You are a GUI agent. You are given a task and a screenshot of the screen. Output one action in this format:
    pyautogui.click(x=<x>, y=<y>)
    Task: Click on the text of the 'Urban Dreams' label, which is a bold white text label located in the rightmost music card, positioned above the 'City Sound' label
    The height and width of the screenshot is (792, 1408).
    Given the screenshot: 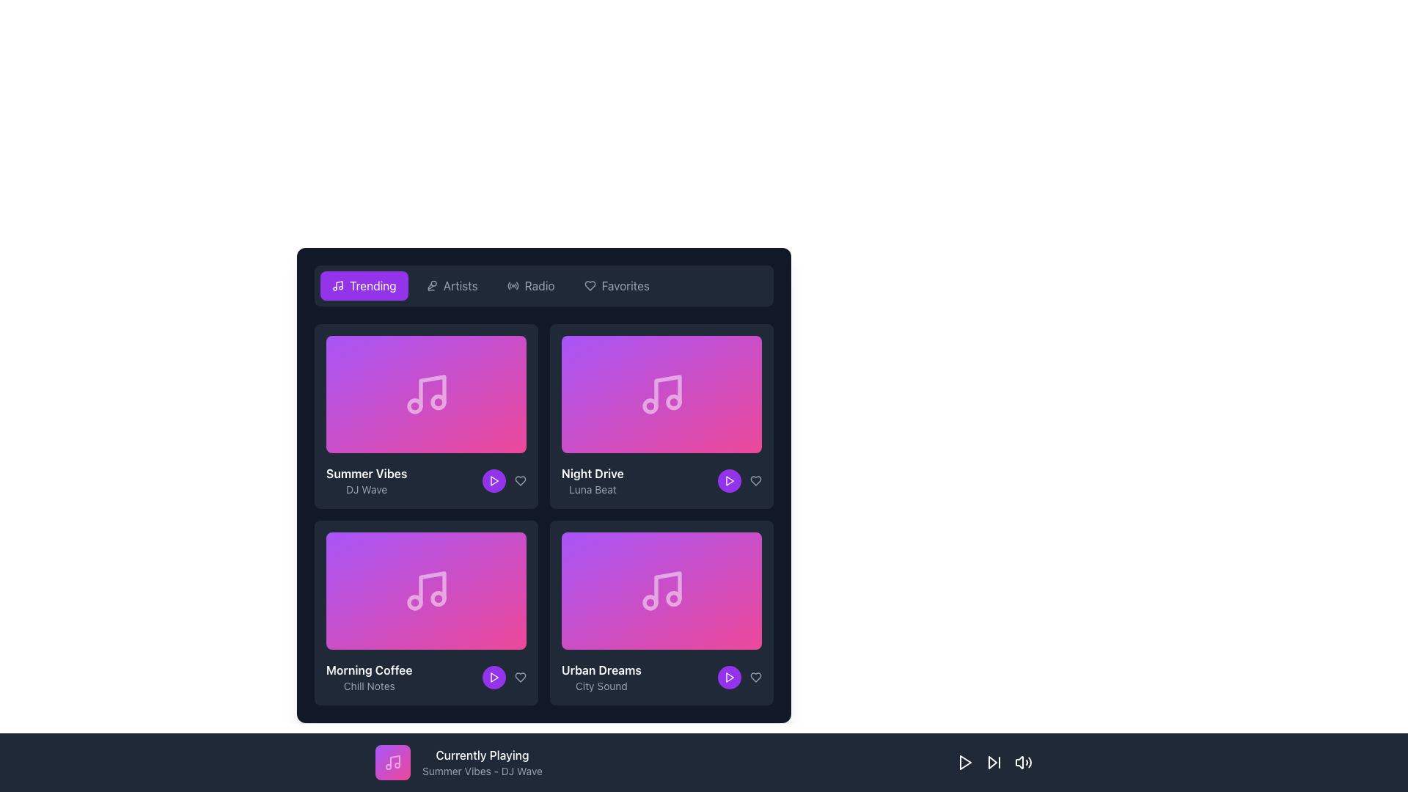 What is the action you would take?
    pyautogui.click(x=601, y=670)
    